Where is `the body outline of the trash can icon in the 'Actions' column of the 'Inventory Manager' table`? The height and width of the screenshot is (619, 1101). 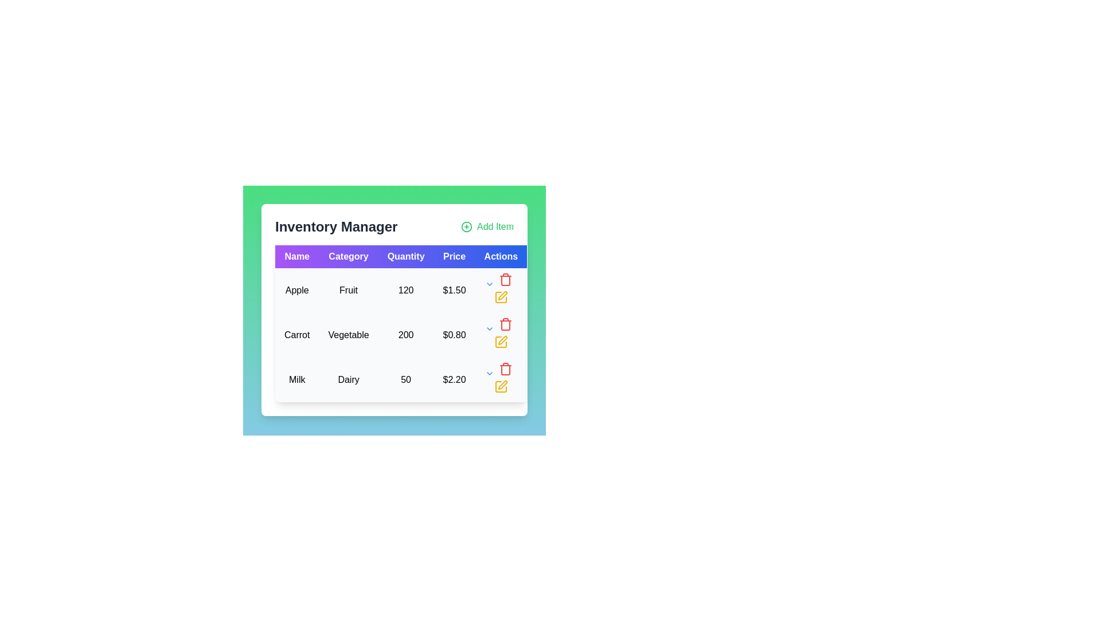 the body outline of the trash can icon in the 'Actions' column of the 'Inventory Manager' table is located at coordinates (505, 370).